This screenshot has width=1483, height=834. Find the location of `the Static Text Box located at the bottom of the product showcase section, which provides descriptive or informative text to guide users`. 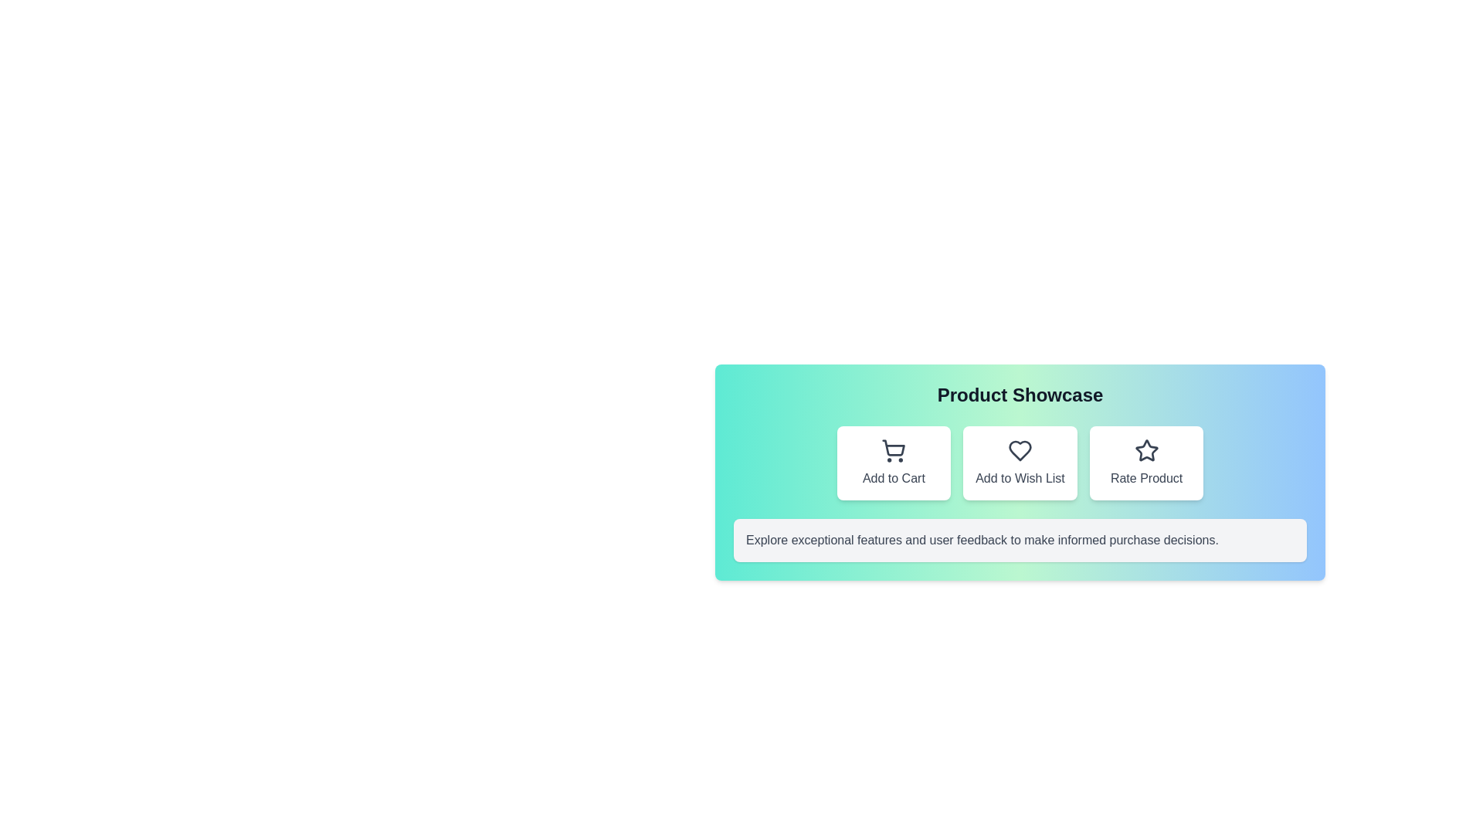

the Static Text Box located at the bottom of the product showcase section, which provides descriptive or informative text to guide users is located at coordinates (1020, 539).